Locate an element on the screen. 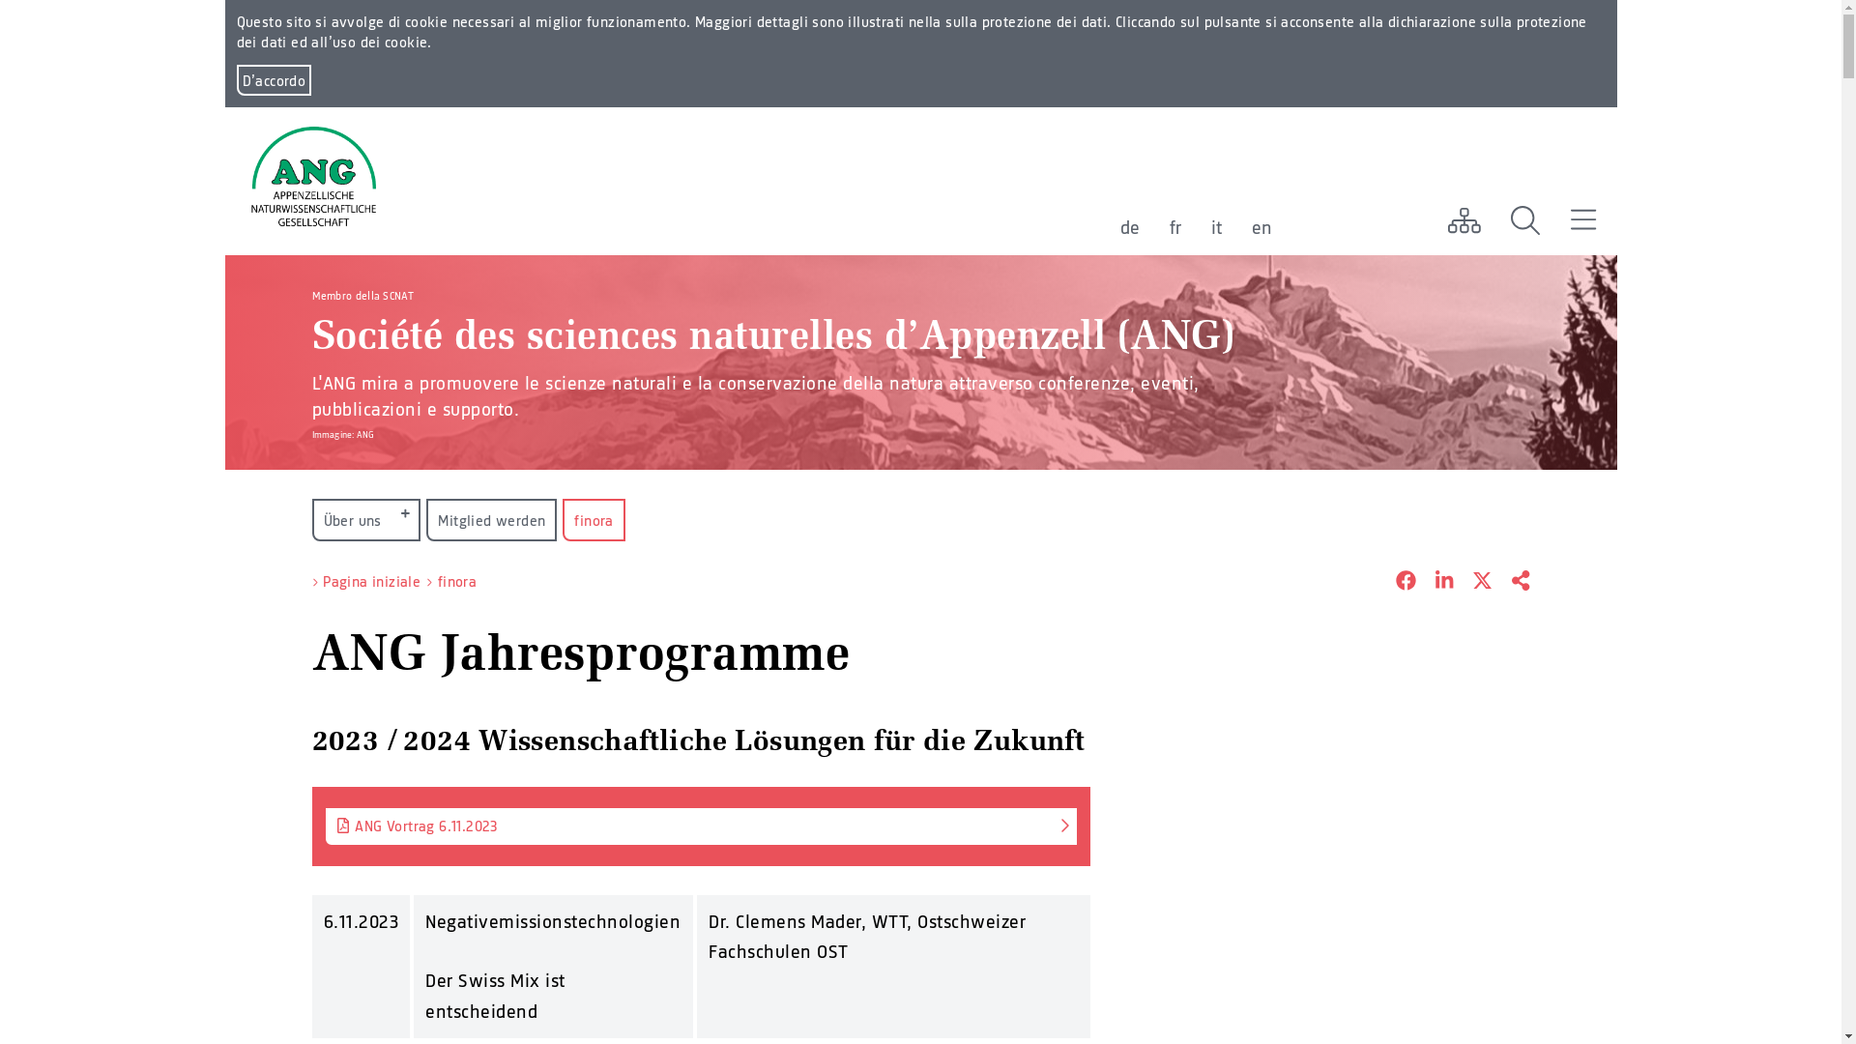 This screenshot has width=1856, height=1044. 'Menu' is located at coordinates (1582, 218).